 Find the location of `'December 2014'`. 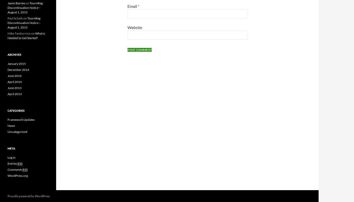

'December 2014' is located at coordinates (18, 69).